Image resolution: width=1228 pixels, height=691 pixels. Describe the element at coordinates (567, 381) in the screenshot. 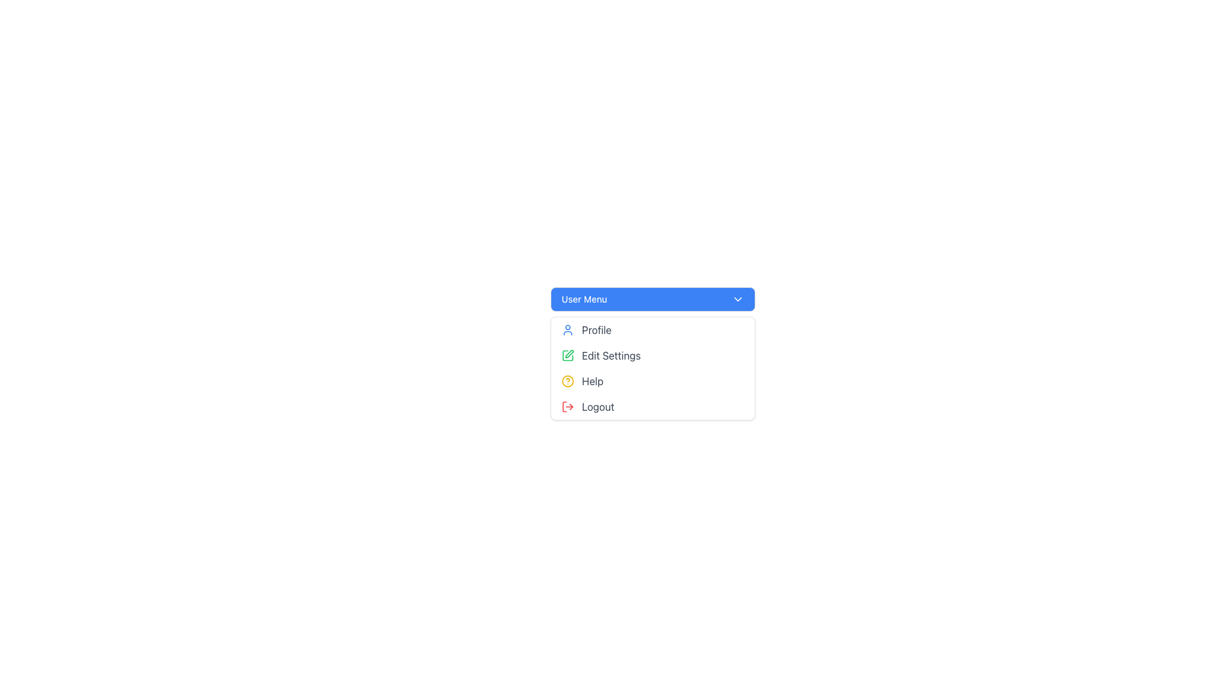

I see `the 'Help' icon located in the 'User Menu' dropdown, which visually indicates the purpose of the help menu item` at that location.